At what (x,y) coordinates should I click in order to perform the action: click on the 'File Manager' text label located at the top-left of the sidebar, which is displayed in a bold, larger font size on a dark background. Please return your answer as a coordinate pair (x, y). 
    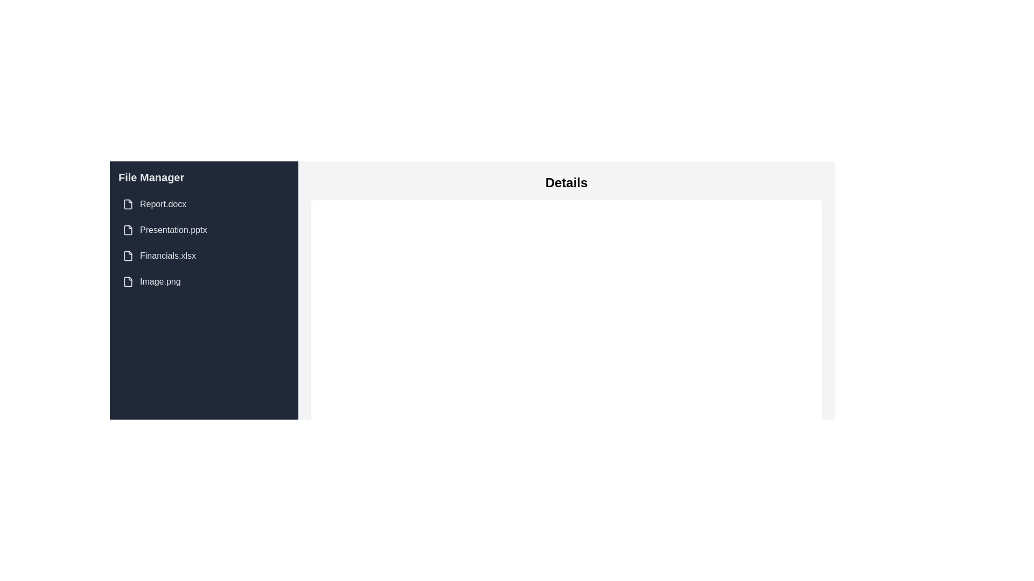
    Looking at the image, I should click on (151, 177).